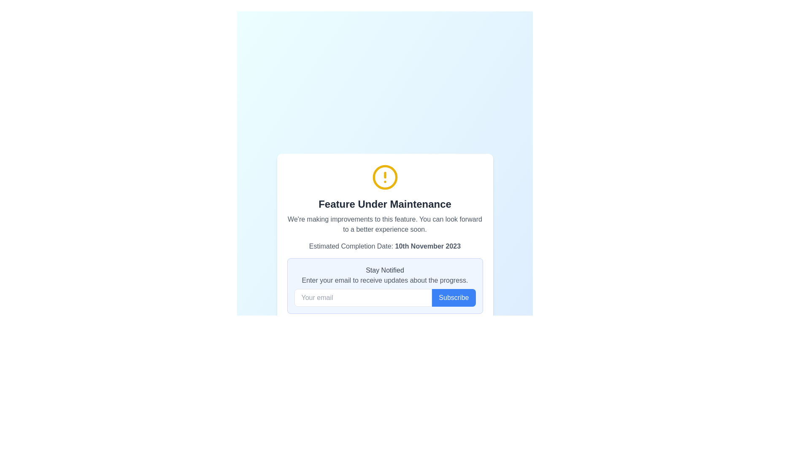  I want to click on the circular alert icon with a yellow outline containing an exclamation mark, located at the top of the modal above the title 'Feature Under Maintenance', so click(384, 177).